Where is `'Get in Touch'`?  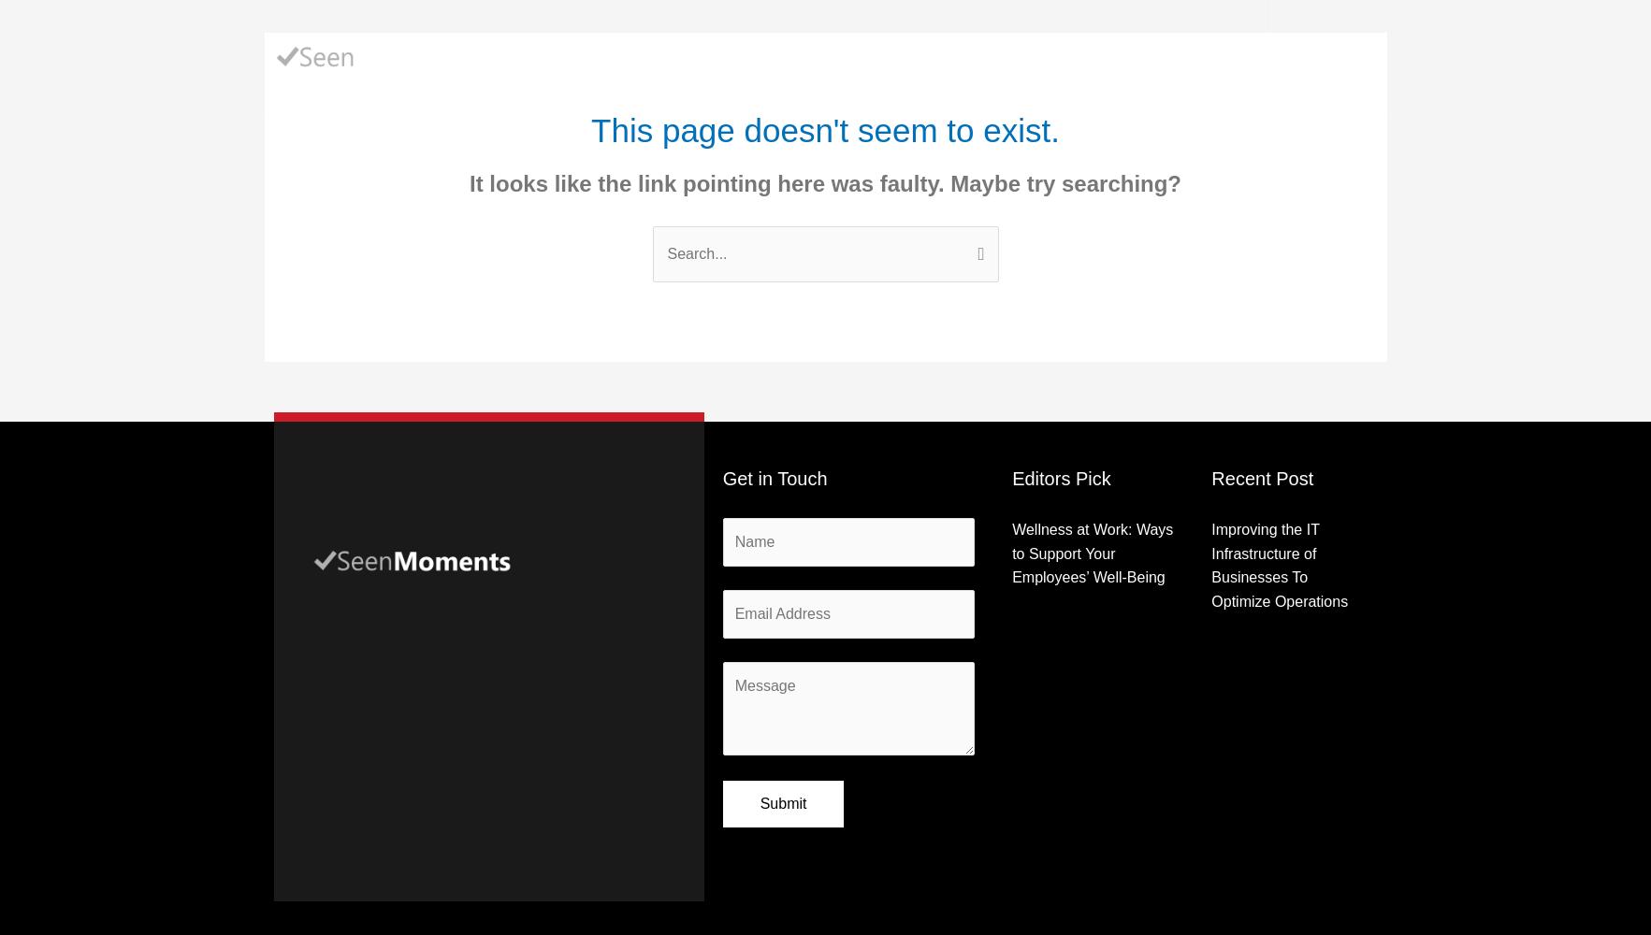 'Get in Touch' is located at coordinates (773, 479).